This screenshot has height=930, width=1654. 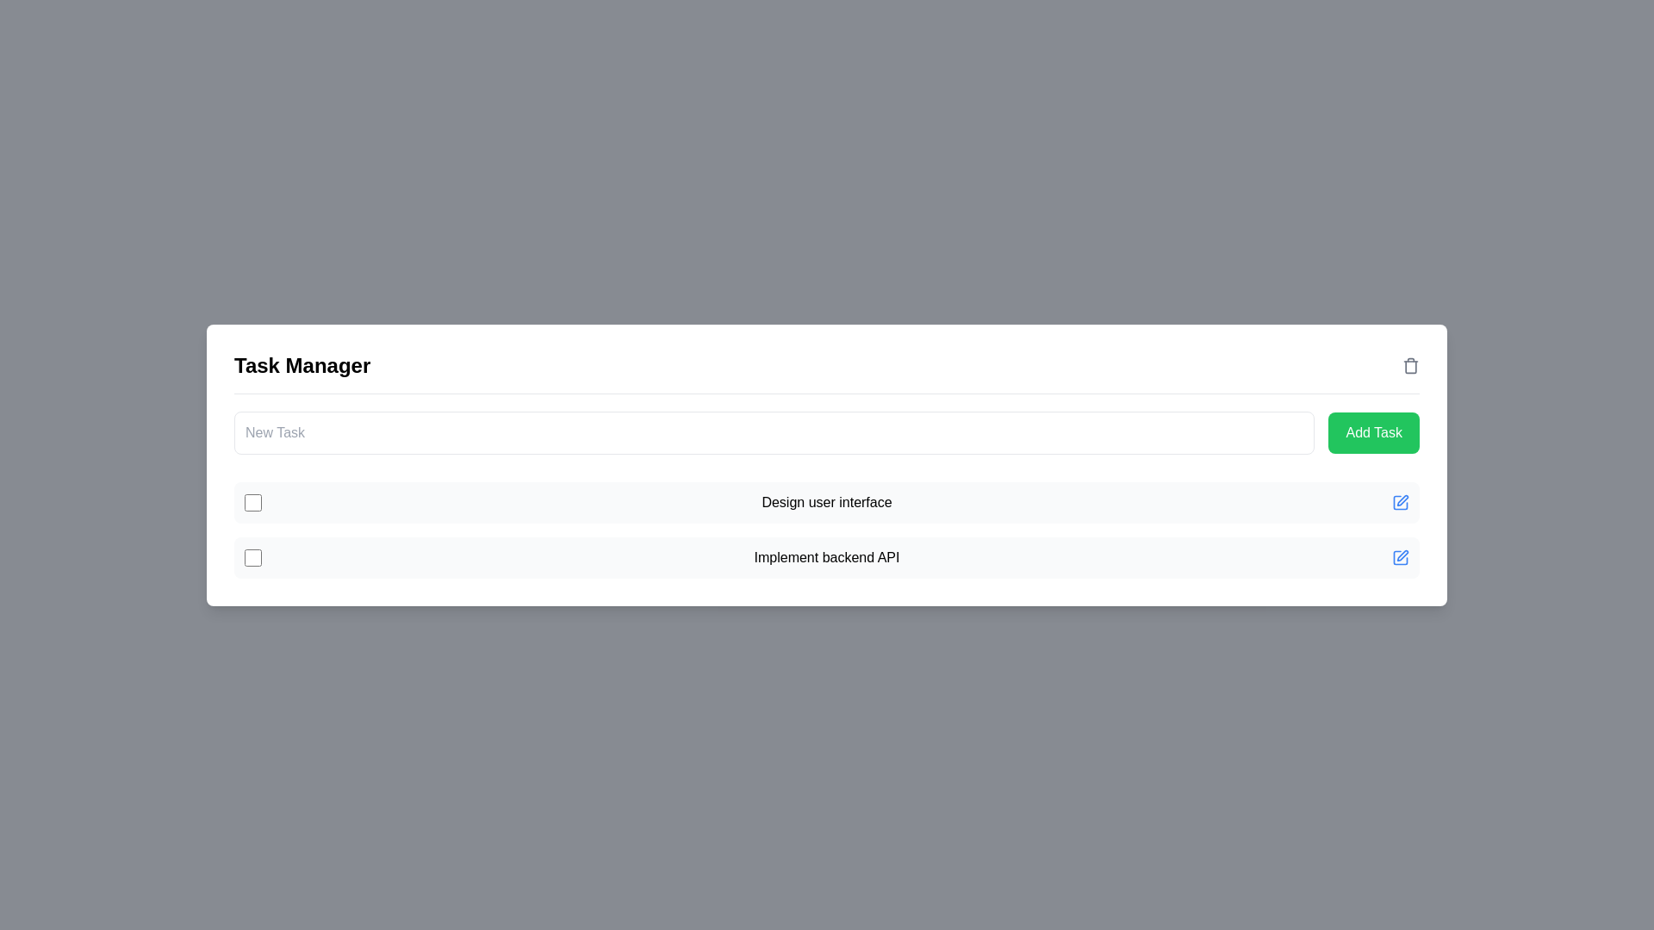 I want to click on the checkbox that is styled as a compact square with a white fill and a border, located to the left of the 'Design user interface' task description, so click(x=252, y=501).